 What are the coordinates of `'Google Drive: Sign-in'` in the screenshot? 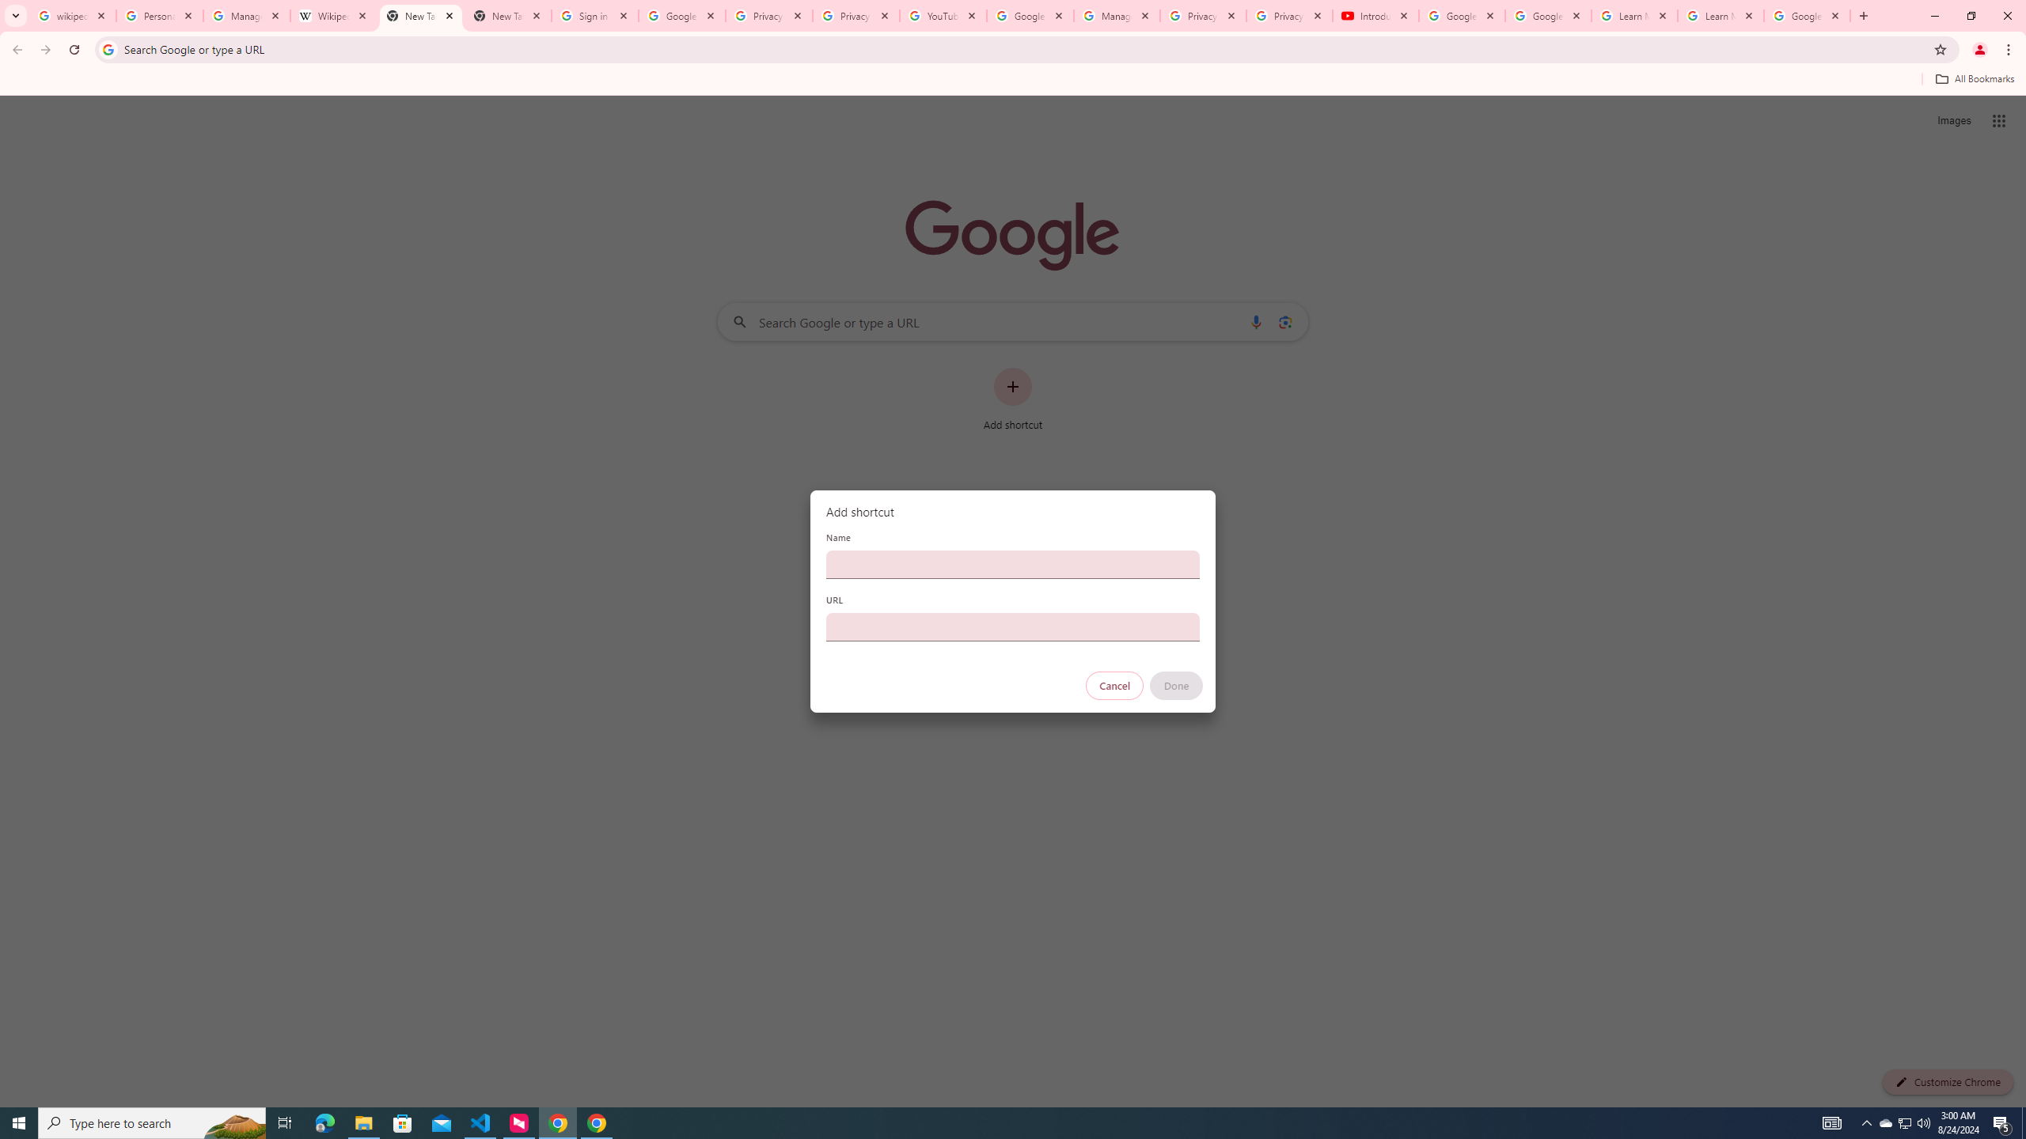 It's located at (681, 15).